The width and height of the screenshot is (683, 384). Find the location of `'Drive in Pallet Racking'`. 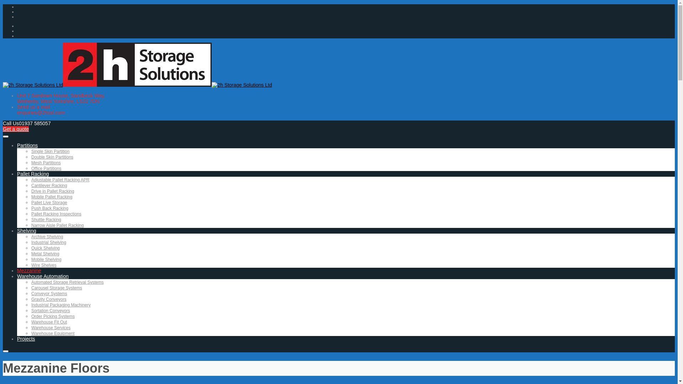

'Drive in Pallet Racking' is located at coordinates (52, 191).